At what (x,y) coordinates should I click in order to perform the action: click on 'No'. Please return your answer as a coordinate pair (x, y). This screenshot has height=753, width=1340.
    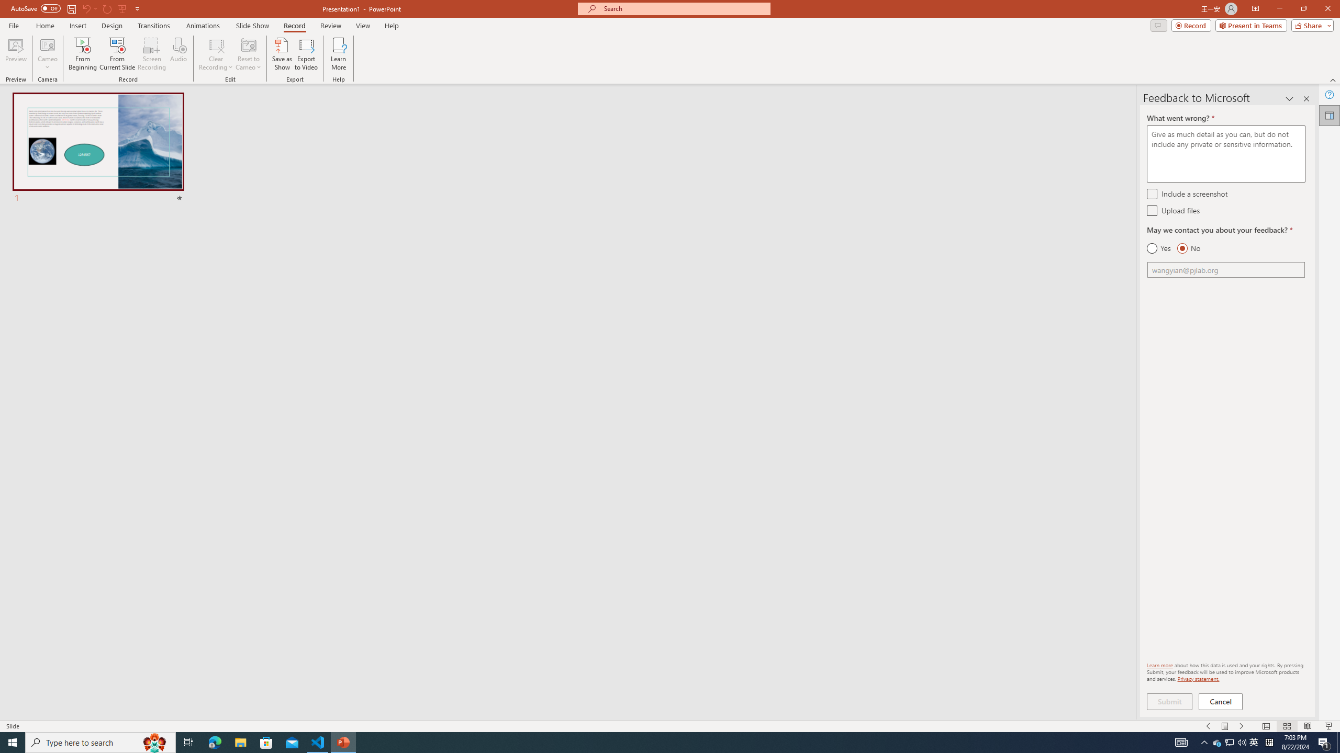
    Looking at the image, I should click on (1188, 248).